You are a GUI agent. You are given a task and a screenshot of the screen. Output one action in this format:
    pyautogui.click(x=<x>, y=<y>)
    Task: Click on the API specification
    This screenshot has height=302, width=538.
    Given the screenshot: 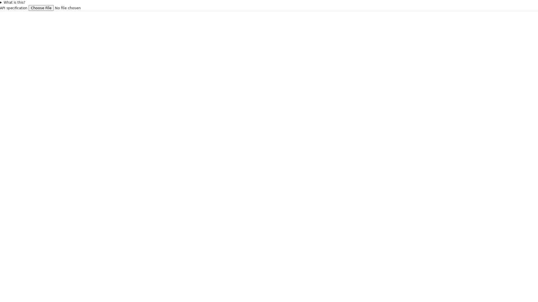 What is the action you would take?
    pyautogui.click(x=67, y=8)
    